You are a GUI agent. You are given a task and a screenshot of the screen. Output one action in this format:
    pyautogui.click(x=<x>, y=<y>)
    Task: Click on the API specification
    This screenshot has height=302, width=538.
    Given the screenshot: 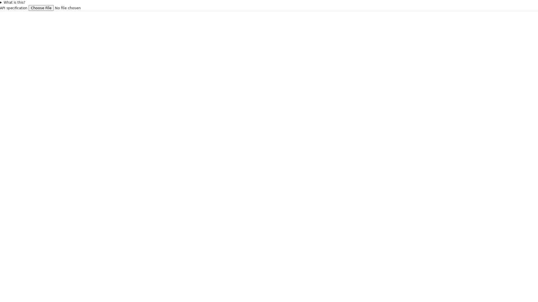 What is the action you would take?
    pyautogui.click(x=67, y=8)
    